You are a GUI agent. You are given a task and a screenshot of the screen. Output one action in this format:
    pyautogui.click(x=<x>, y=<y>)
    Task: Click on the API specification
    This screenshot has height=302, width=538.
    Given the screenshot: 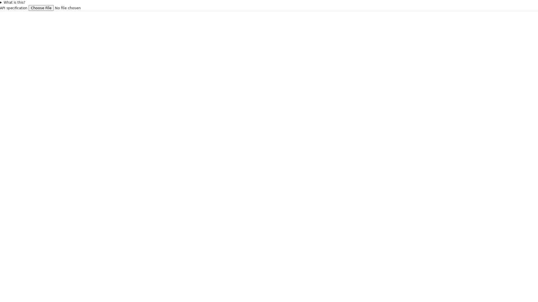 What is the action you would take?
    pyautogui.click(x=67, y=8)
    